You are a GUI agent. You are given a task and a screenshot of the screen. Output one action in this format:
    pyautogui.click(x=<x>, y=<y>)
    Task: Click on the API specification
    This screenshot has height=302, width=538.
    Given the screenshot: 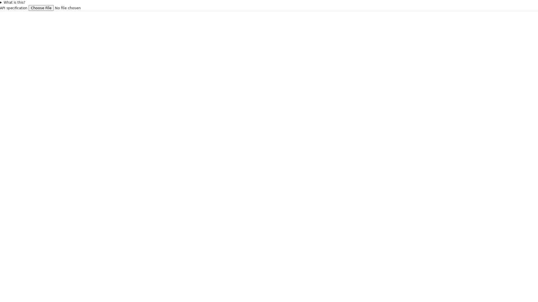 What is the action you would take?
    pyautogui.click(x=67, y=8)
    